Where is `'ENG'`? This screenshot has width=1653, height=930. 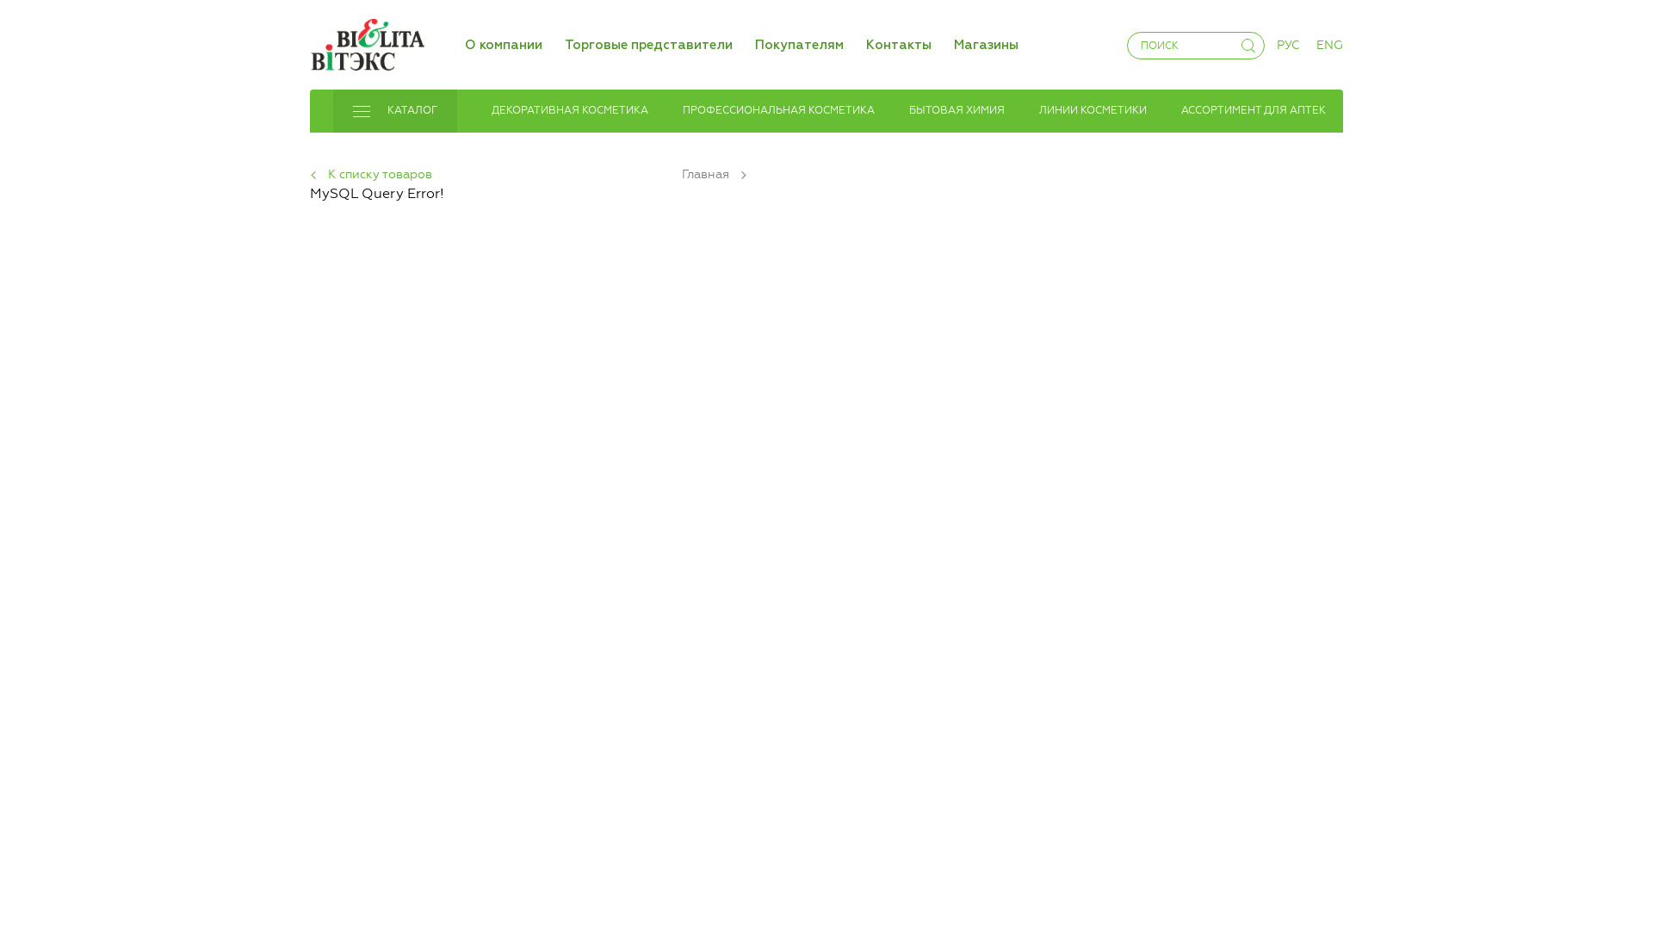 'ENG' is located at coordinates (1328, 44).